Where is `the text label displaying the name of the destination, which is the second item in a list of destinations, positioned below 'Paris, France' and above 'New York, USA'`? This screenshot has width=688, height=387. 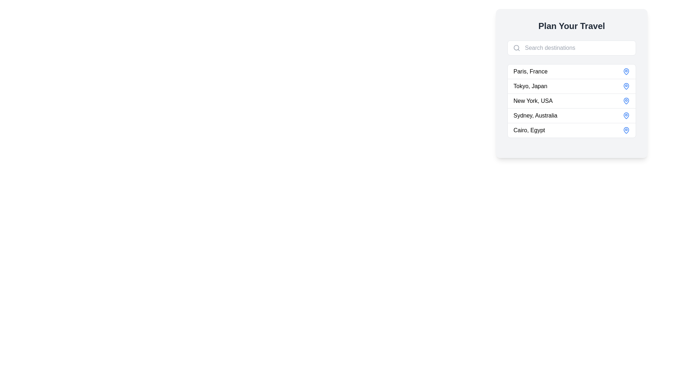 the text label displaying the name of the destination, which is the second item in a list of destinations, positioned below 'Paris, France' and above 'New York, USA' is located at coordinates (530, 86).